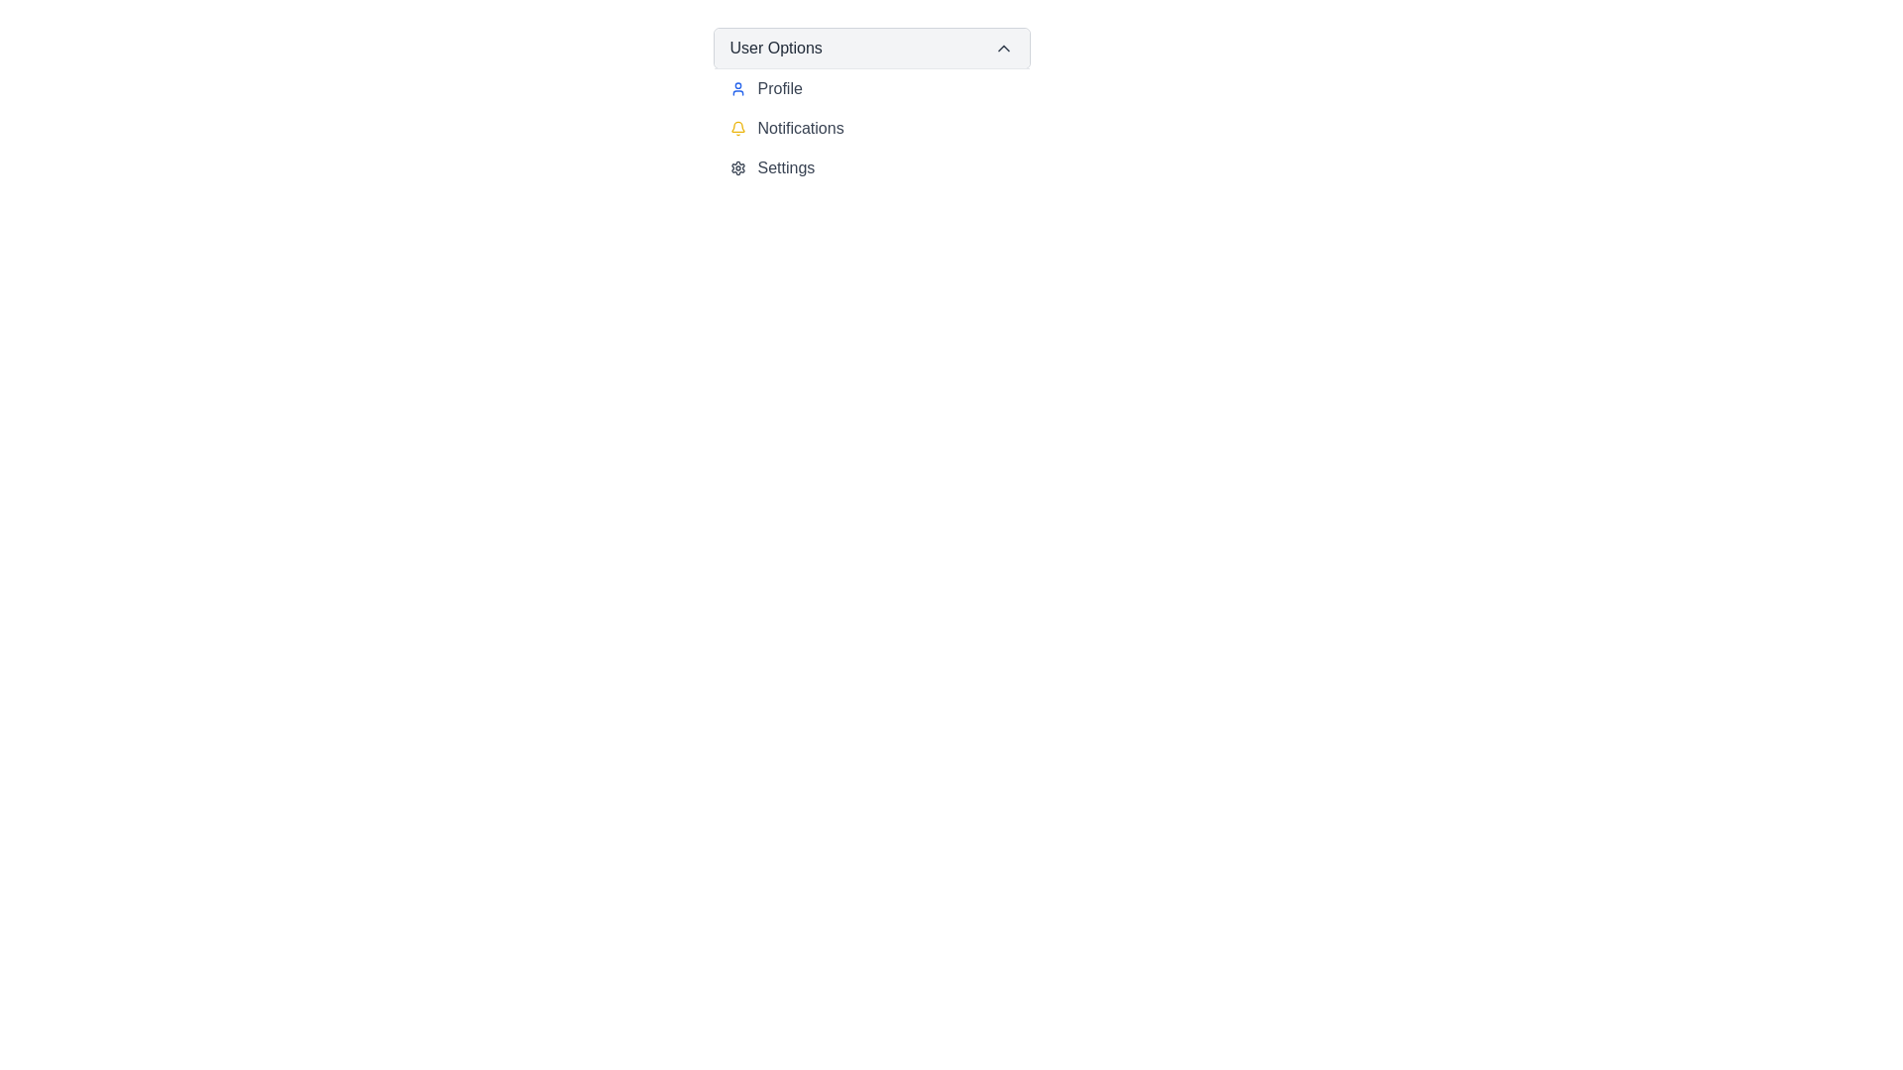 The image size is (1903, 1070). Describe the element at coordinates (736, 166) in the screenshot. I see `the cogwheel-shaped icon that indicates settings in the 'User Options' dropdown menu` at that location.